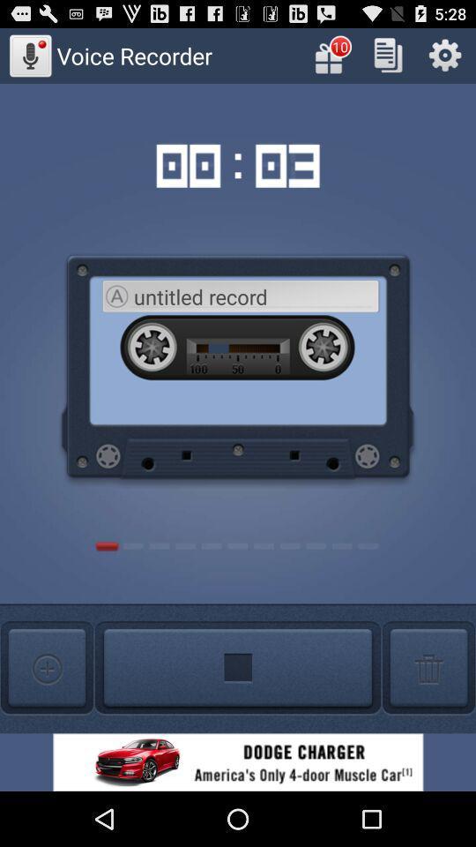 Image resolution: width=476 pixels, height=847 pixels. What do you see at coordinates (444, 55) in the screenshot?
I see `click the settings option` at bounding box center [444, 55].